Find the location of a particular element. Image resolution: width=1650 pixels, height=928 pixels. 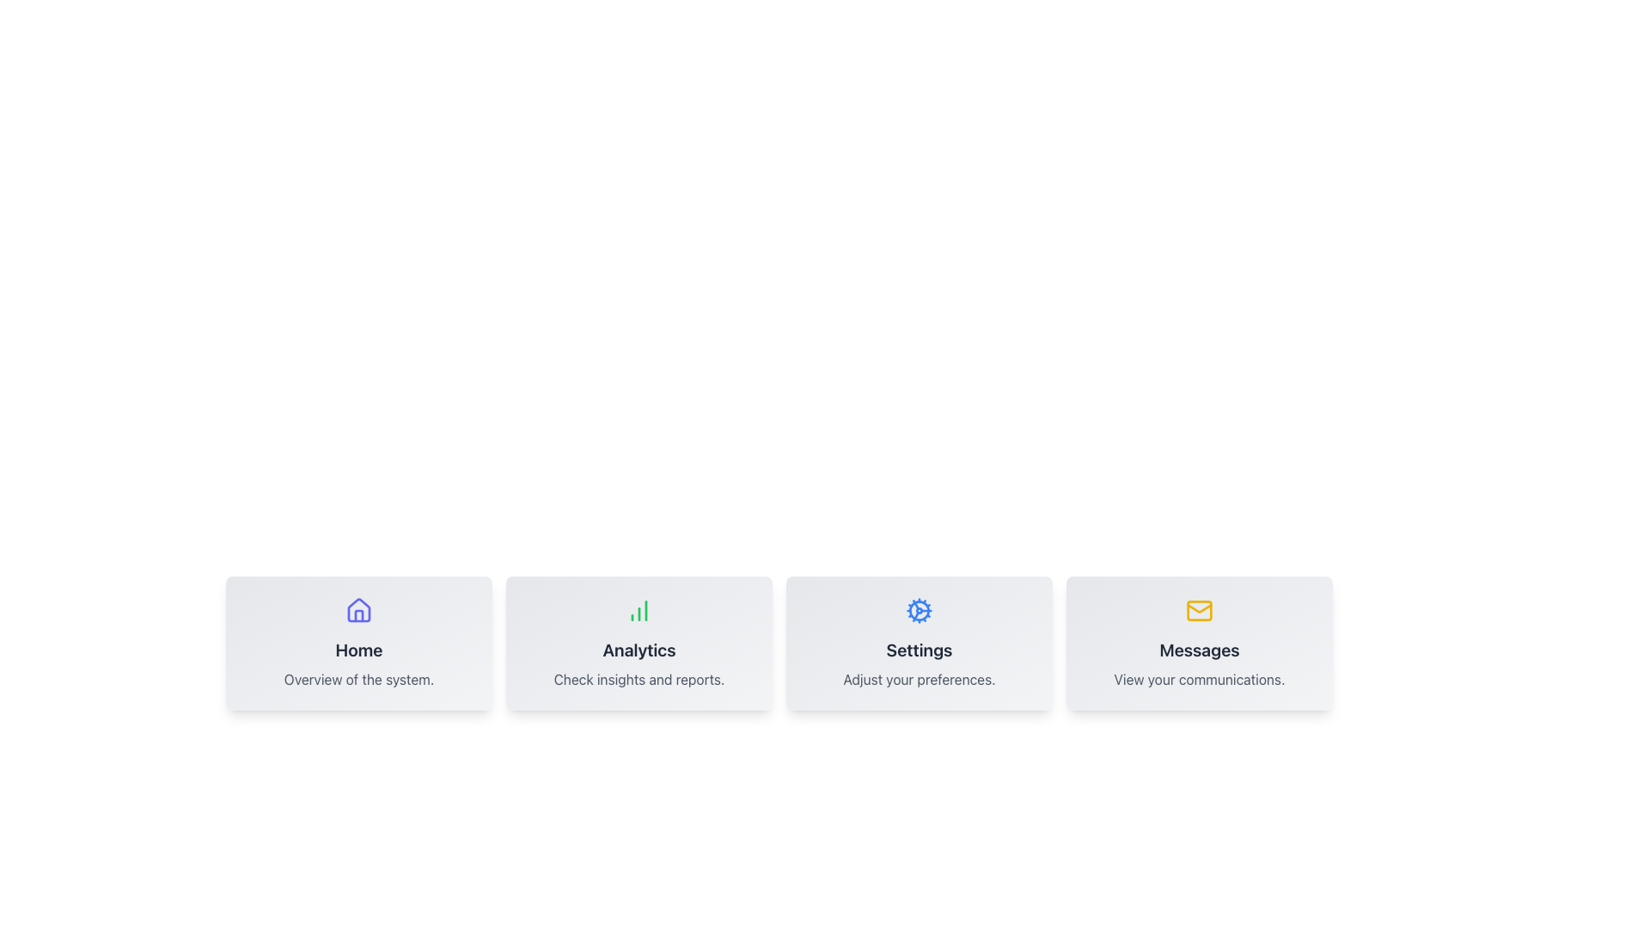

the circular graphical icon located in the 'Settings' section of the interface, which is the third panel in a horizontal layout is located at coordinates (919, 609).